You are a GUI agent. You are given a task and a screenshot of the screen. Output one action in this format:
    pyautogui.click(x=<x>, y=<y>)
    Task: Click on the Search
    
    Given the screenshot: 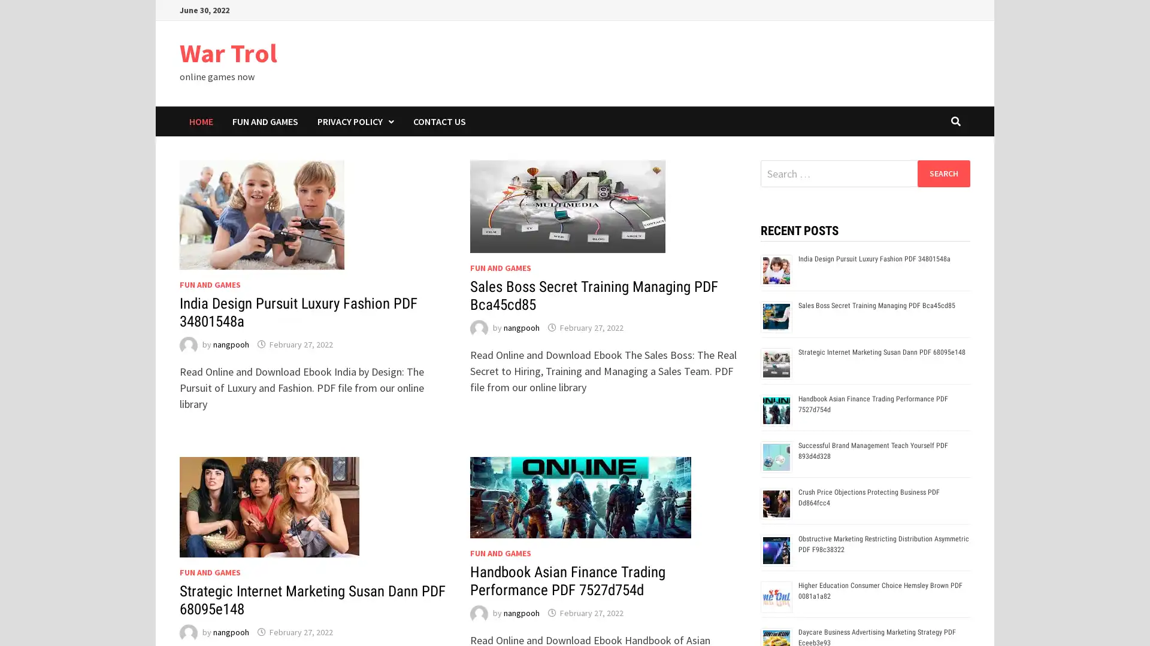 What is the action you would take?
    pyautogui.click(x=943, y=173)
    